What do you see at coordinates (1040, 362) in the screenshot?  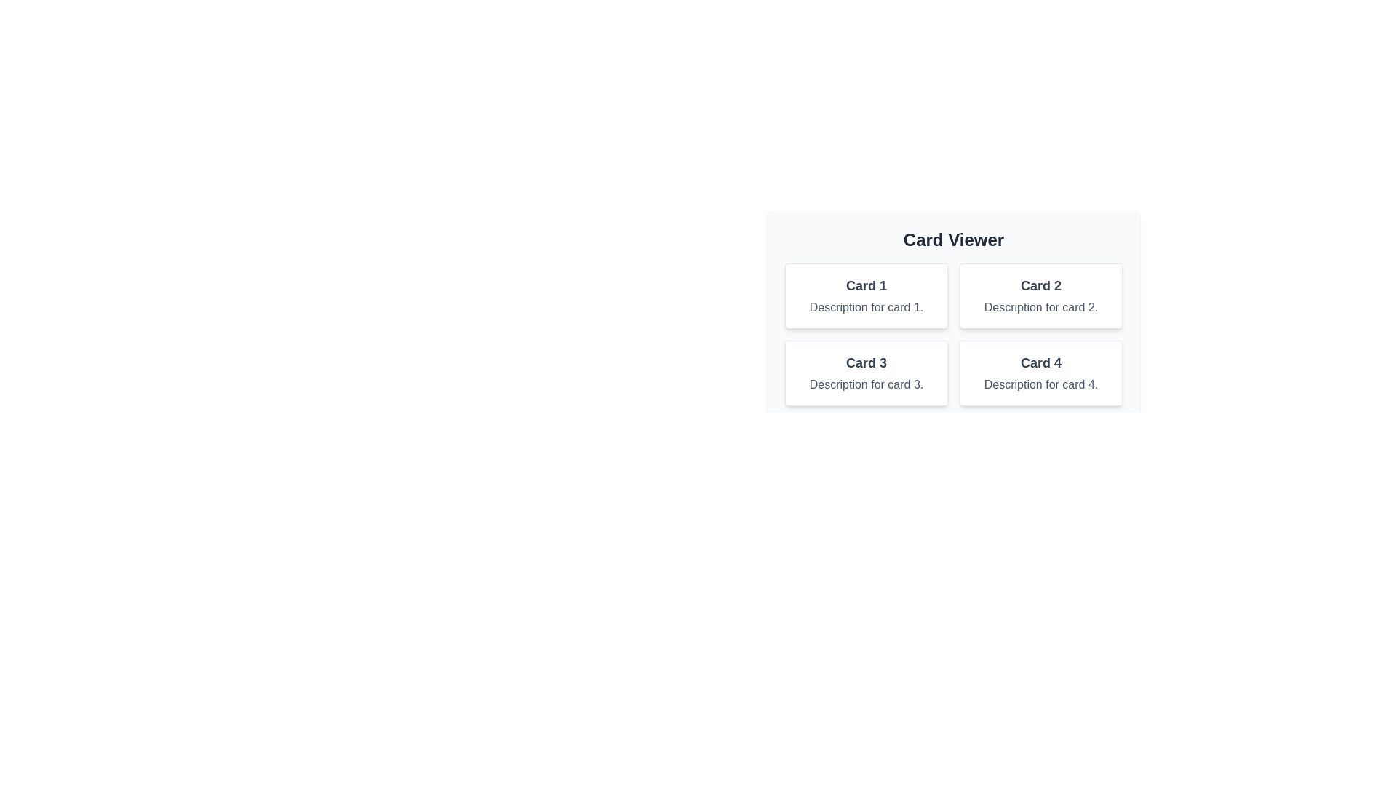 I see `the text label that serves as the title of the card, positioned above the description text in the lower-right card of a 2x2 grid layout` at bounding box center [1040, 362].